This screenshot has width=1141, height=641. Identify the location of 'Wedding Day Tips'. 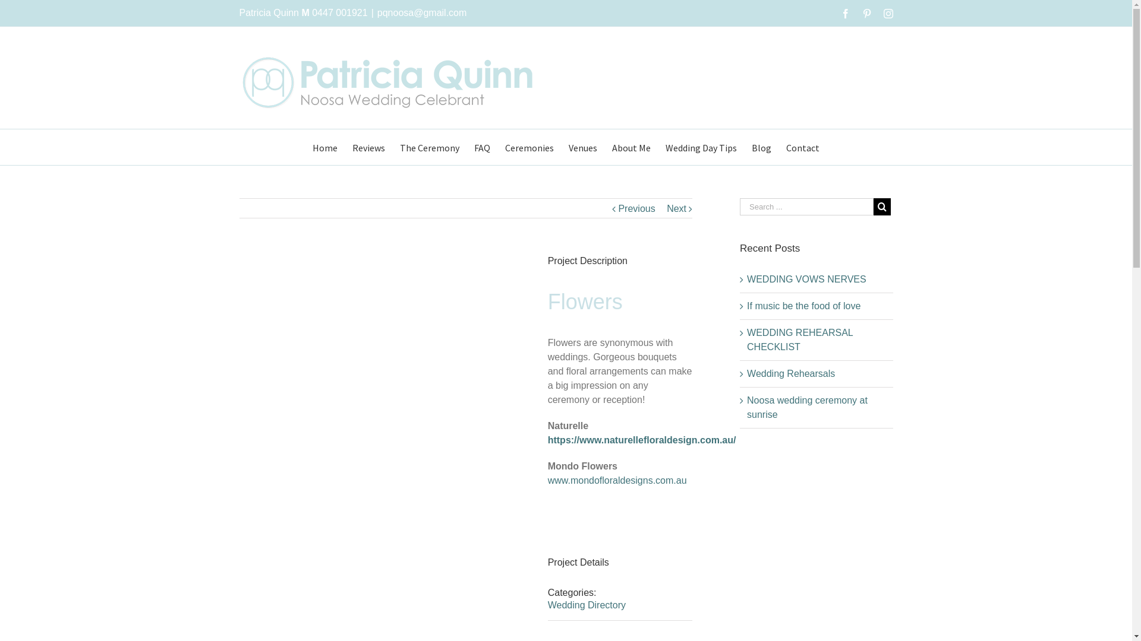
(701, 146).